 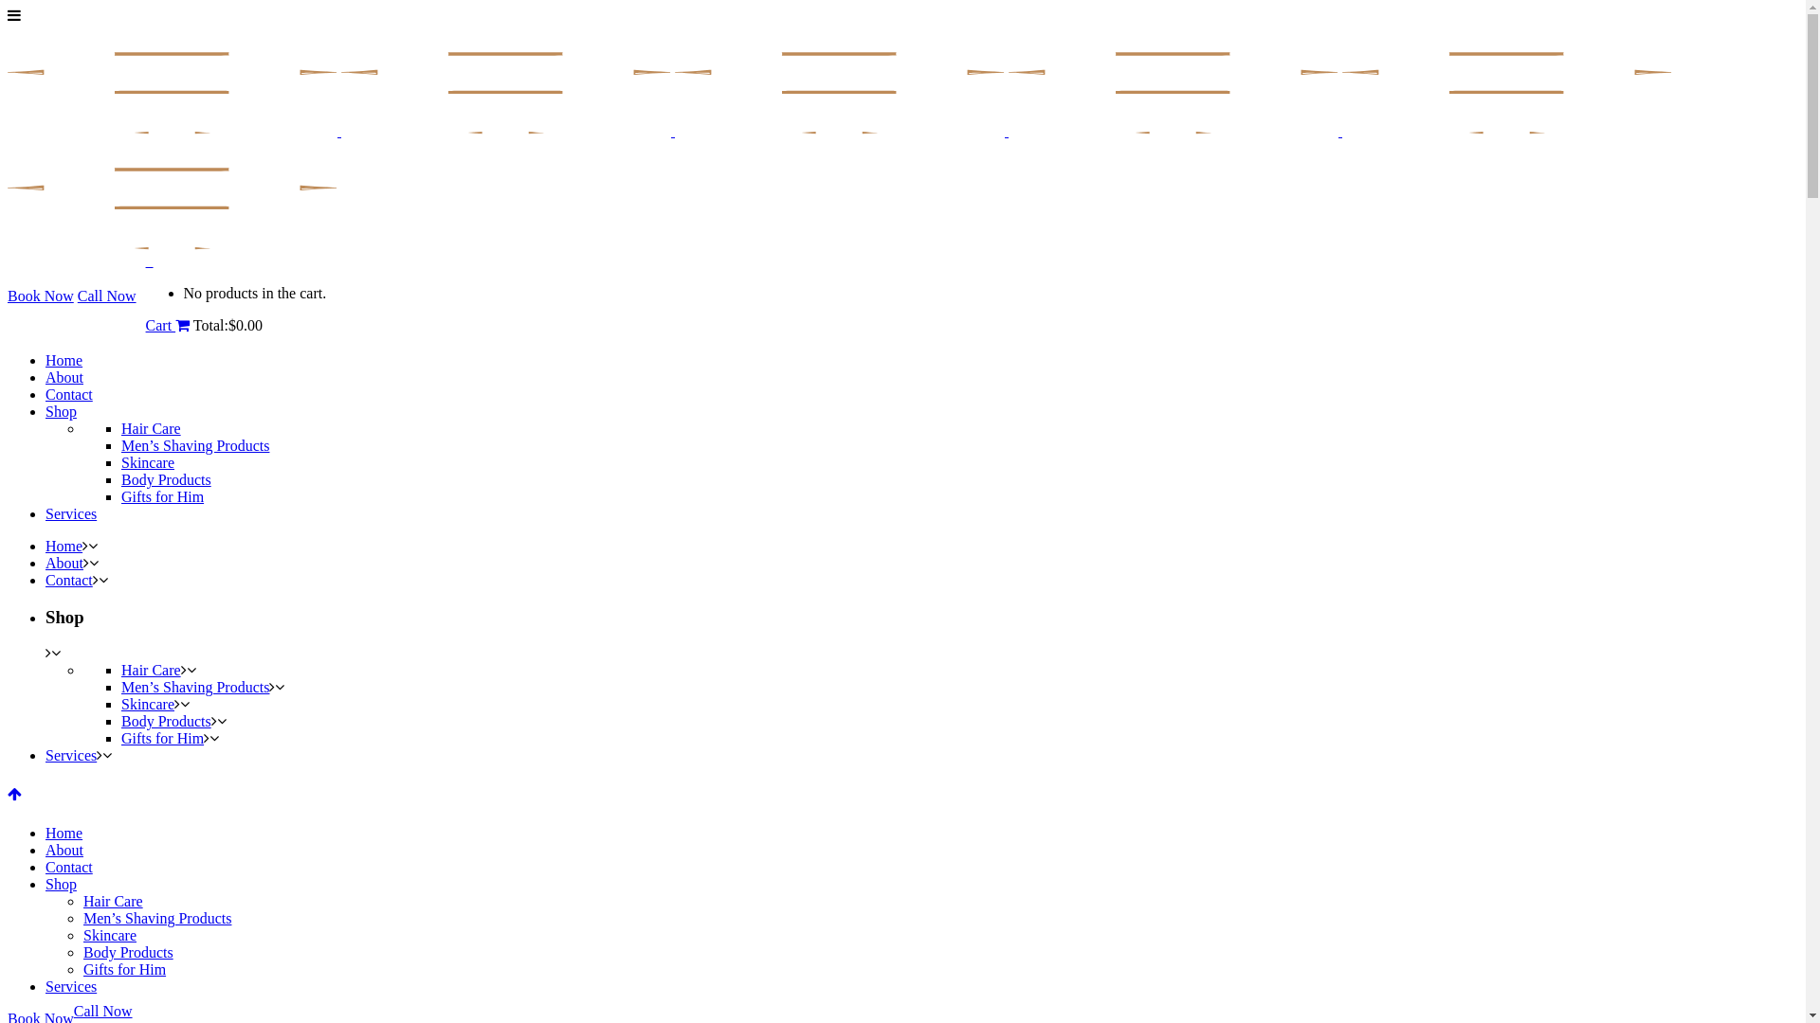 What do you see at coordinates (127, 952) in the screenshot?
I see `'Body Products'` at bounding box center [127, 952].